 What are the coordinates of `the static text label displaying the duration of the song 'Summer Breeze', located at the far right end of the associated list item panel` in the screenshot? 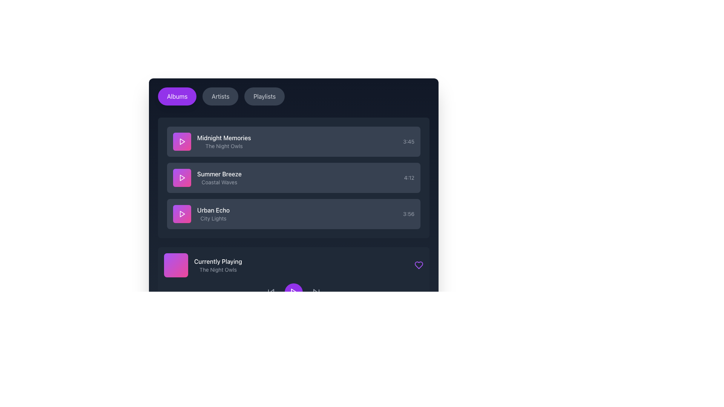 It's located at (409, 177).